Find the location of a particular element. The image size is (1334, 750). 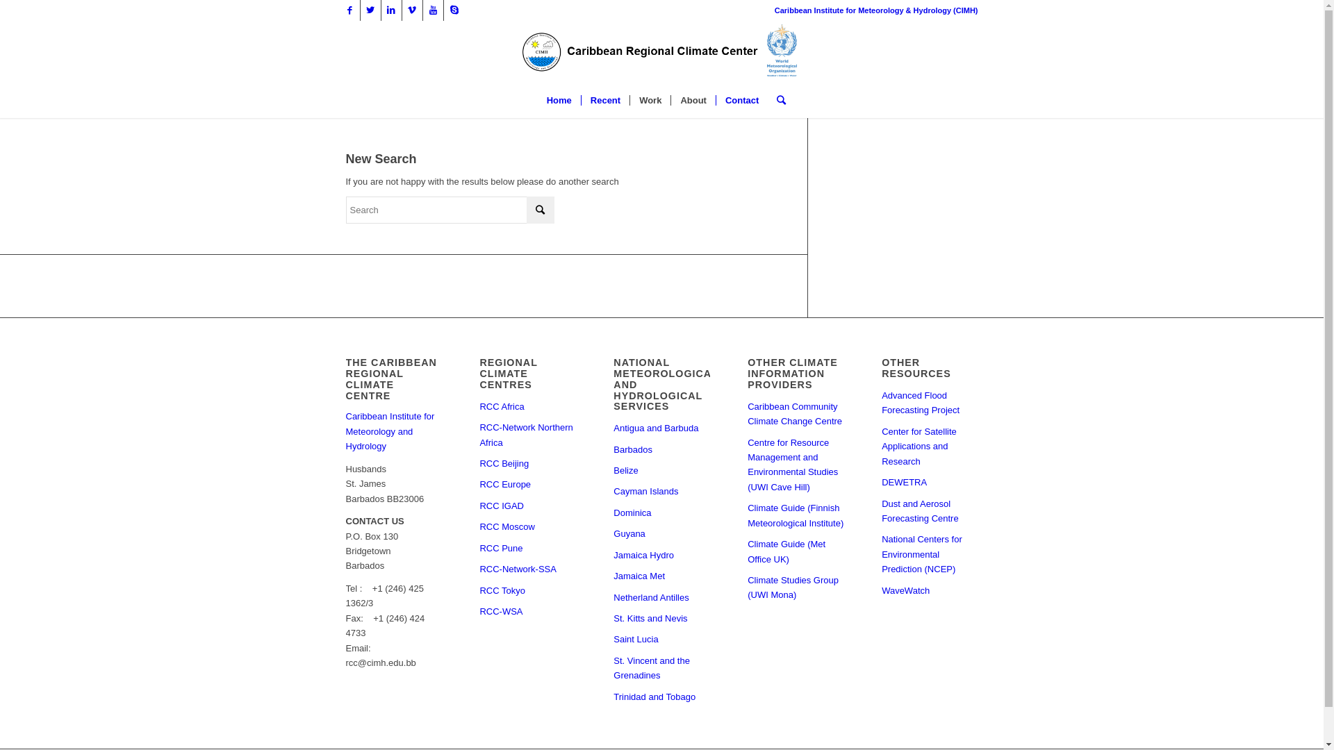

'National Centers for Environmental Prediction (NCEP)' is located at coordinates (880, 553).